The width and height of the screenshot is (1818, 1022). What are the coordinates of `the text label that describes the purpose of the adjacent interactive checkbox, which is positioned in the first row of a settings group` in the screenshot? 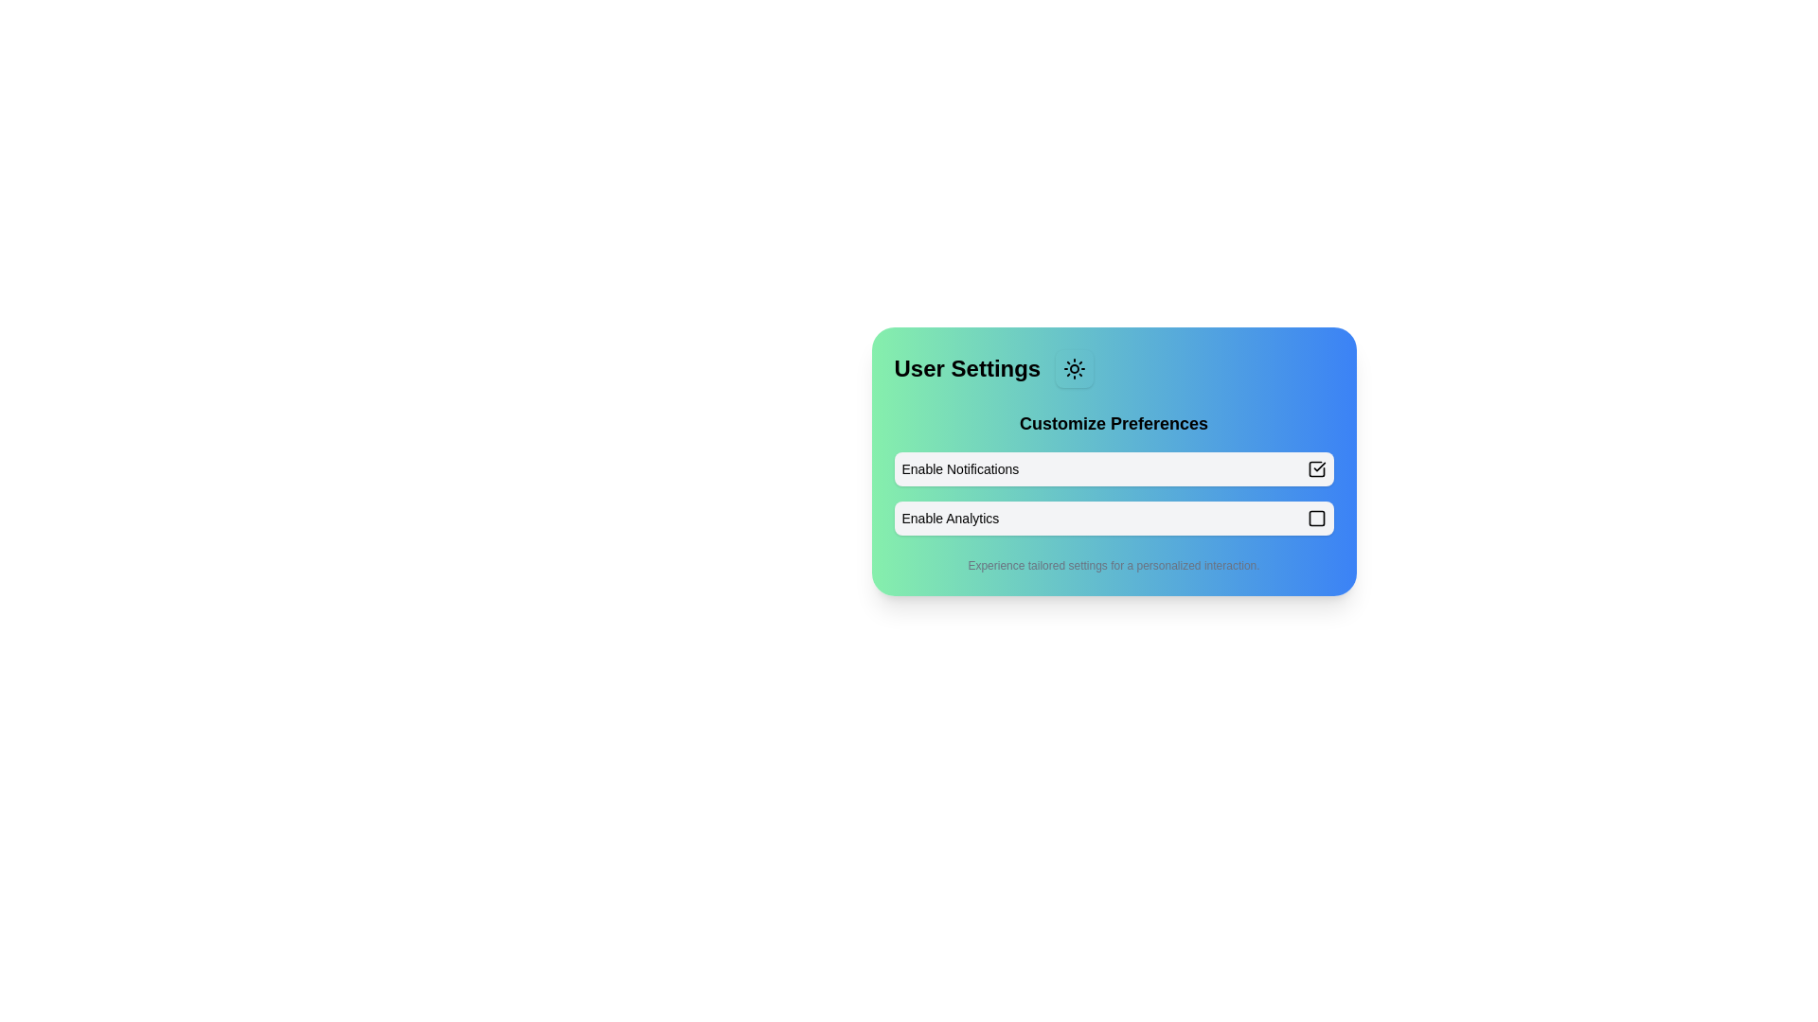 It's located at (960, 468).